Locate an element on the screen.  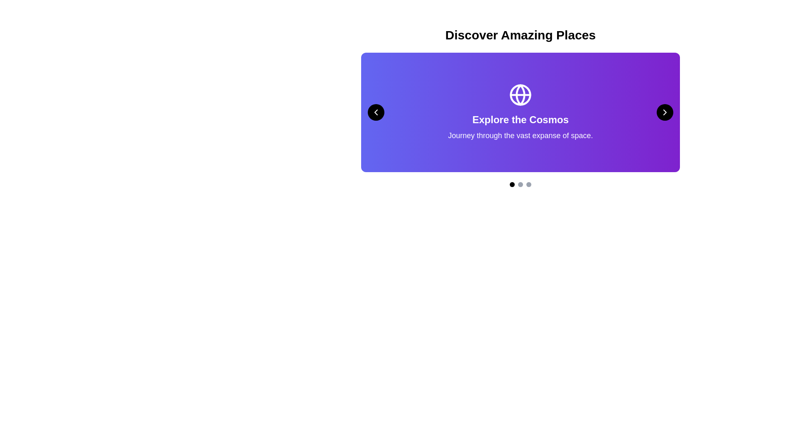
the decorative globe icon located at the upper center of the card with a purple gradient background, which is positioned above the text 'Explore the Cosmos' is located at coordinates (520, 94).